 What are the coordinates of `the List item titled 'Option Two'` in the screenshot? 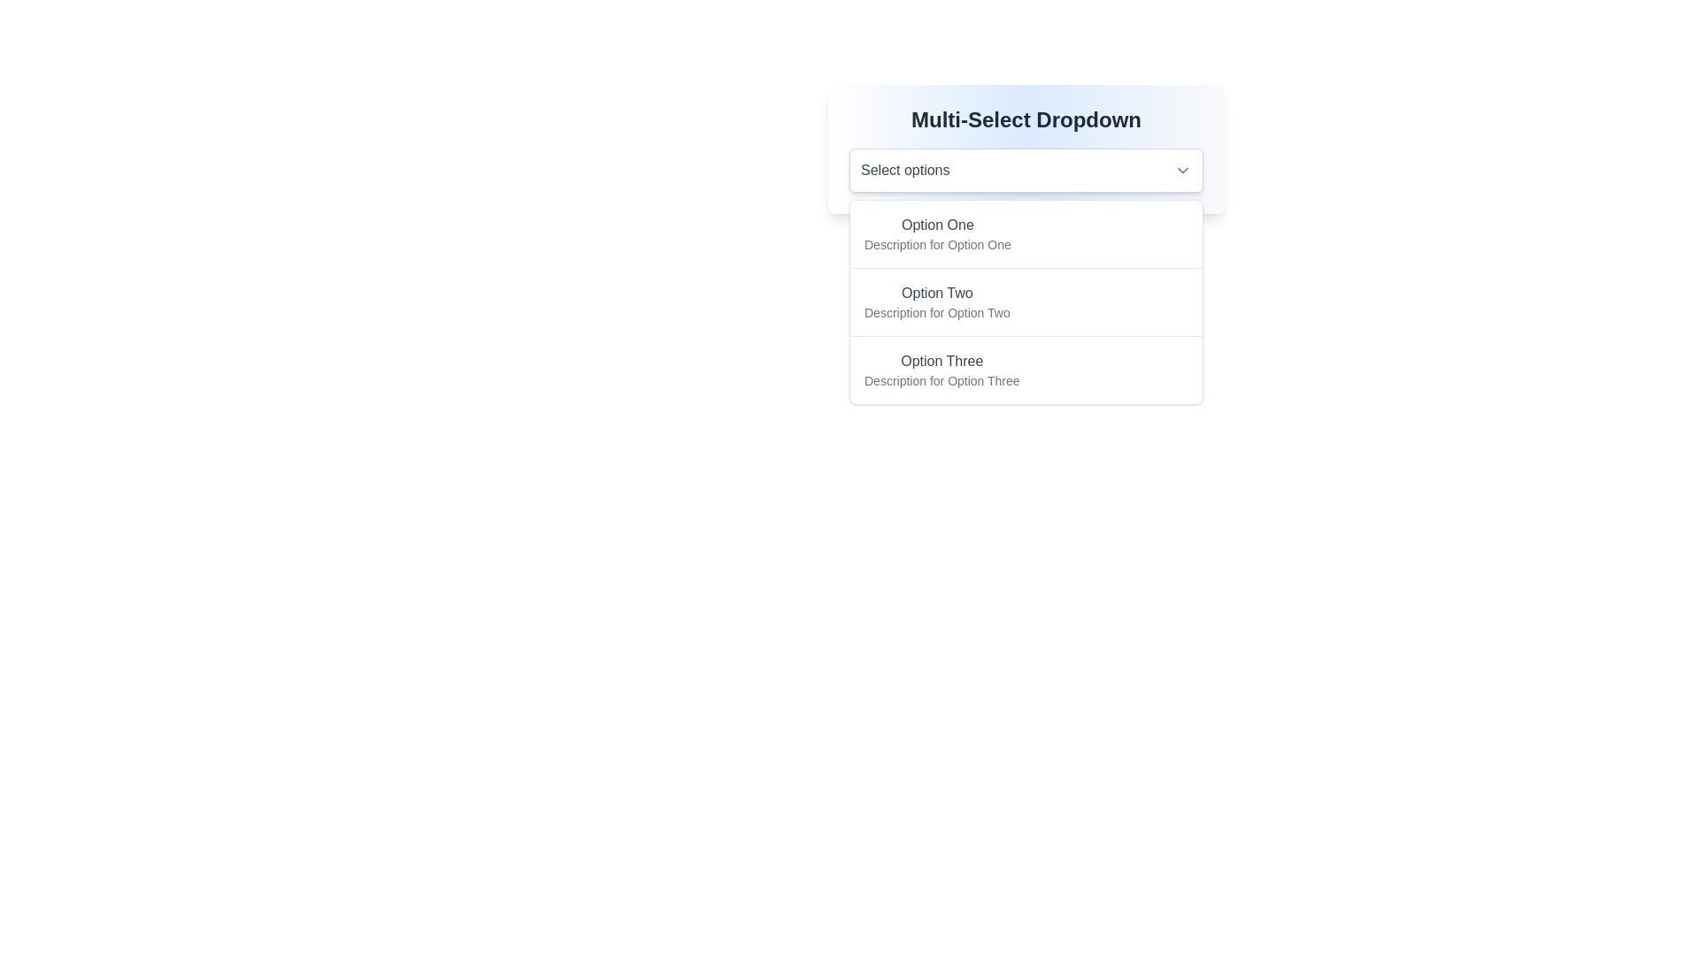 It's located at (1026, 301).